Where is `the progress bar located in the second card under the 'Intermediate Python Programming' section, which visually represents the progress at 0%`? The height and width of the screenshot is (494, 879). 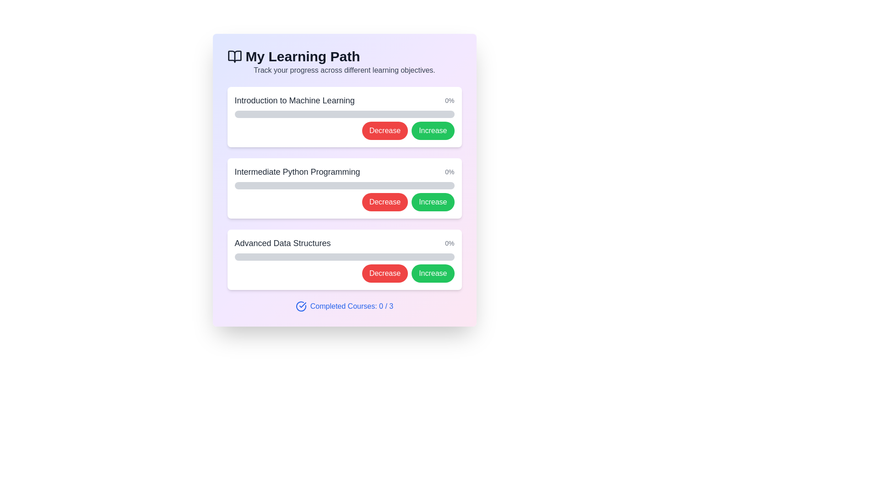 the progress bar located in the second card under the 'Intermediate Python Programming' section, which visually represents the progress at 0% is located at coordinates (344, 185).